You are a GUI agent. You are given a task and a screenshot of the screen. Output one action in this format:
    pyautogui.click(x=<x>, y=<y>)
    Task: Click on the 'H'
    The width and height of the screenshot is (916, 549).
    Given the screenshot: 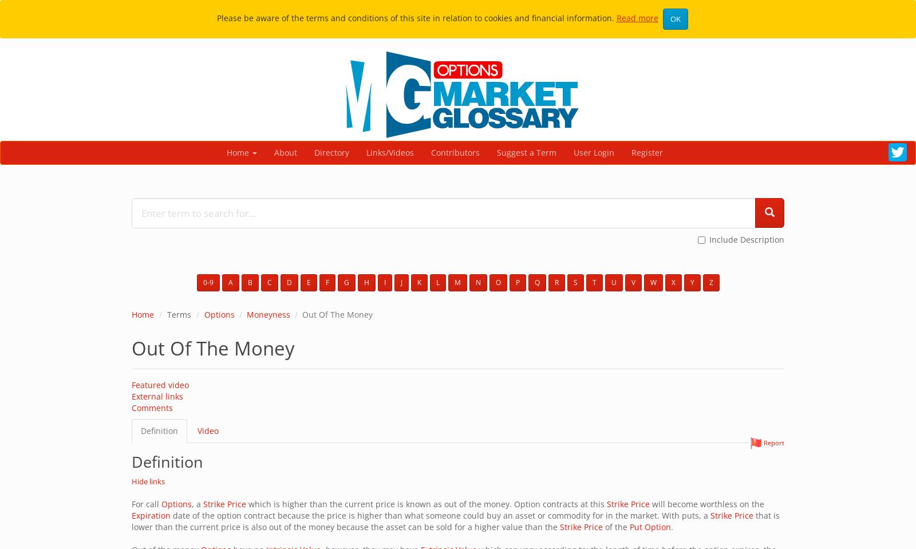 What is the action you would take?
    pyautogui.click(x=364, y=282)
    